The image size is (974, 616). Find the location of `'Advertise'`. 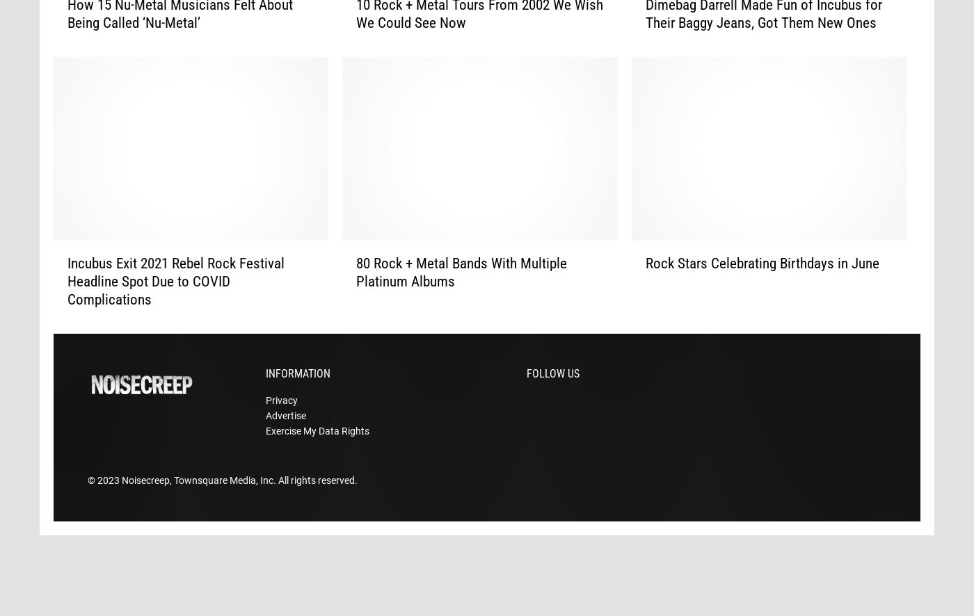

'Advertise' is located at coordinates (286, 437).